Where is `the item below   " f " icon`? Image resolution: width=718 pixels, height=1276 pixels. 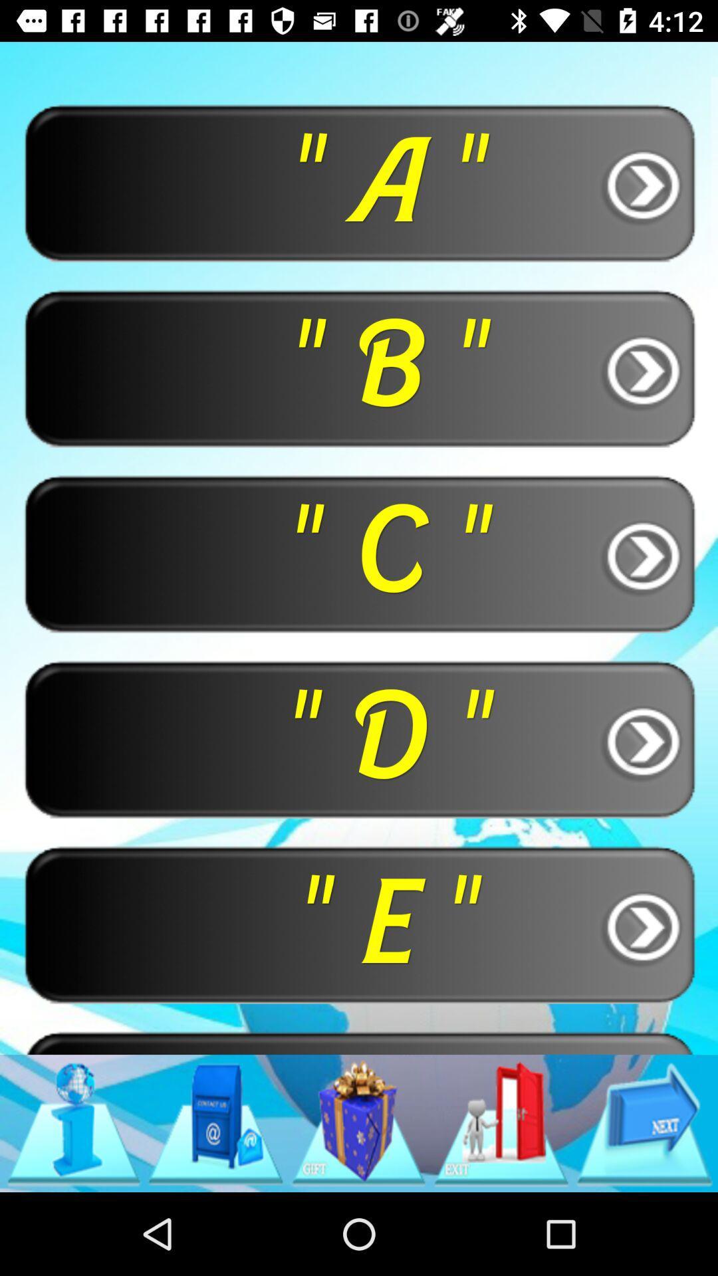 the item below   " f " icon is located at coordinates (215, 1122).